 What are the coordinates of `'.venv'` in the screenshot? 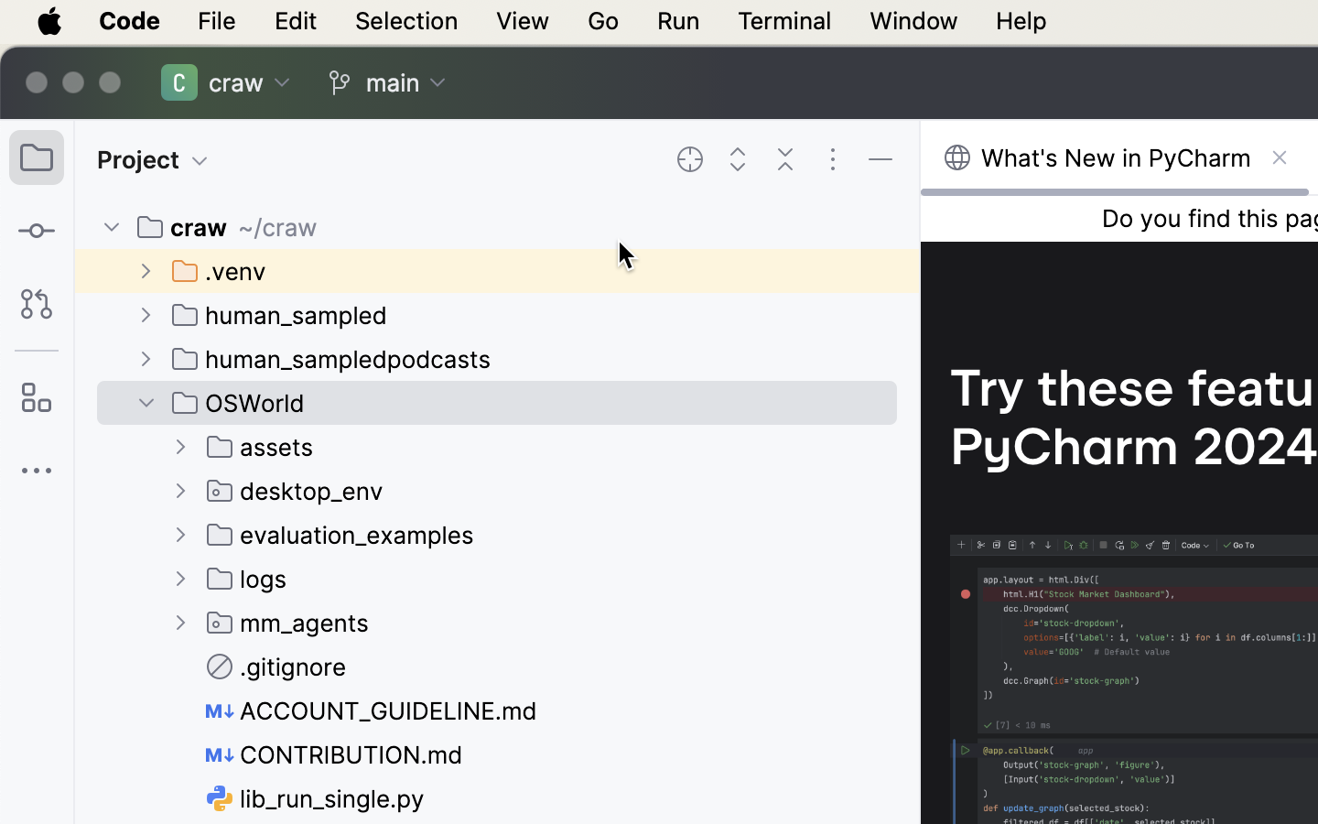 It's located at (220, 270).